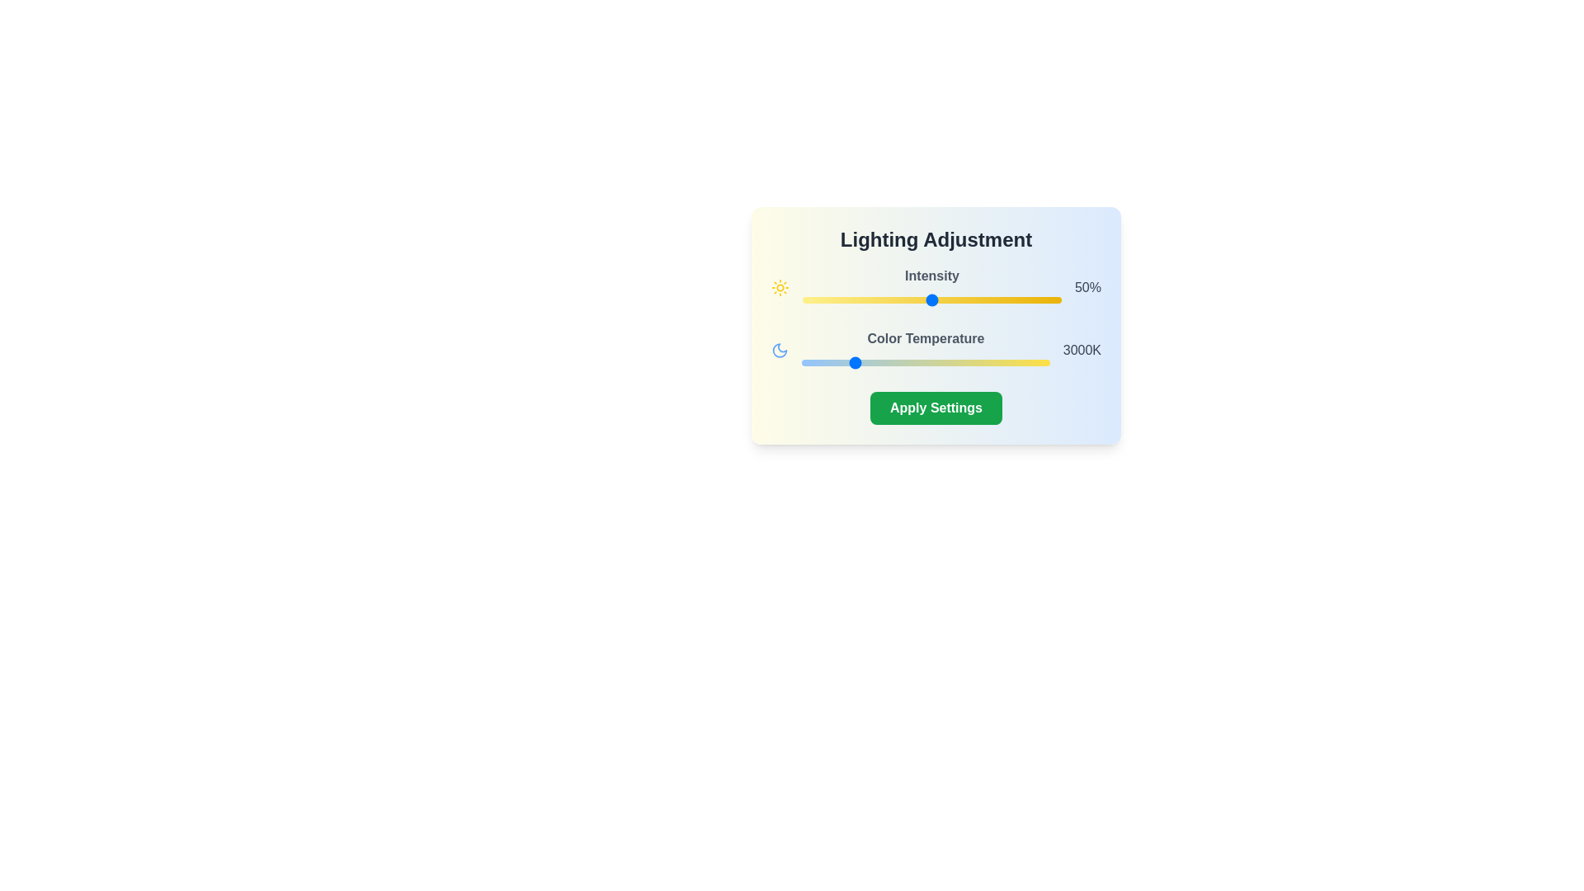  What do you see at coordinates (891, 361) in the screenshot?
I see `the color temperature slider to set it to 3826 Kelvin` at bounding box center [891, 361].